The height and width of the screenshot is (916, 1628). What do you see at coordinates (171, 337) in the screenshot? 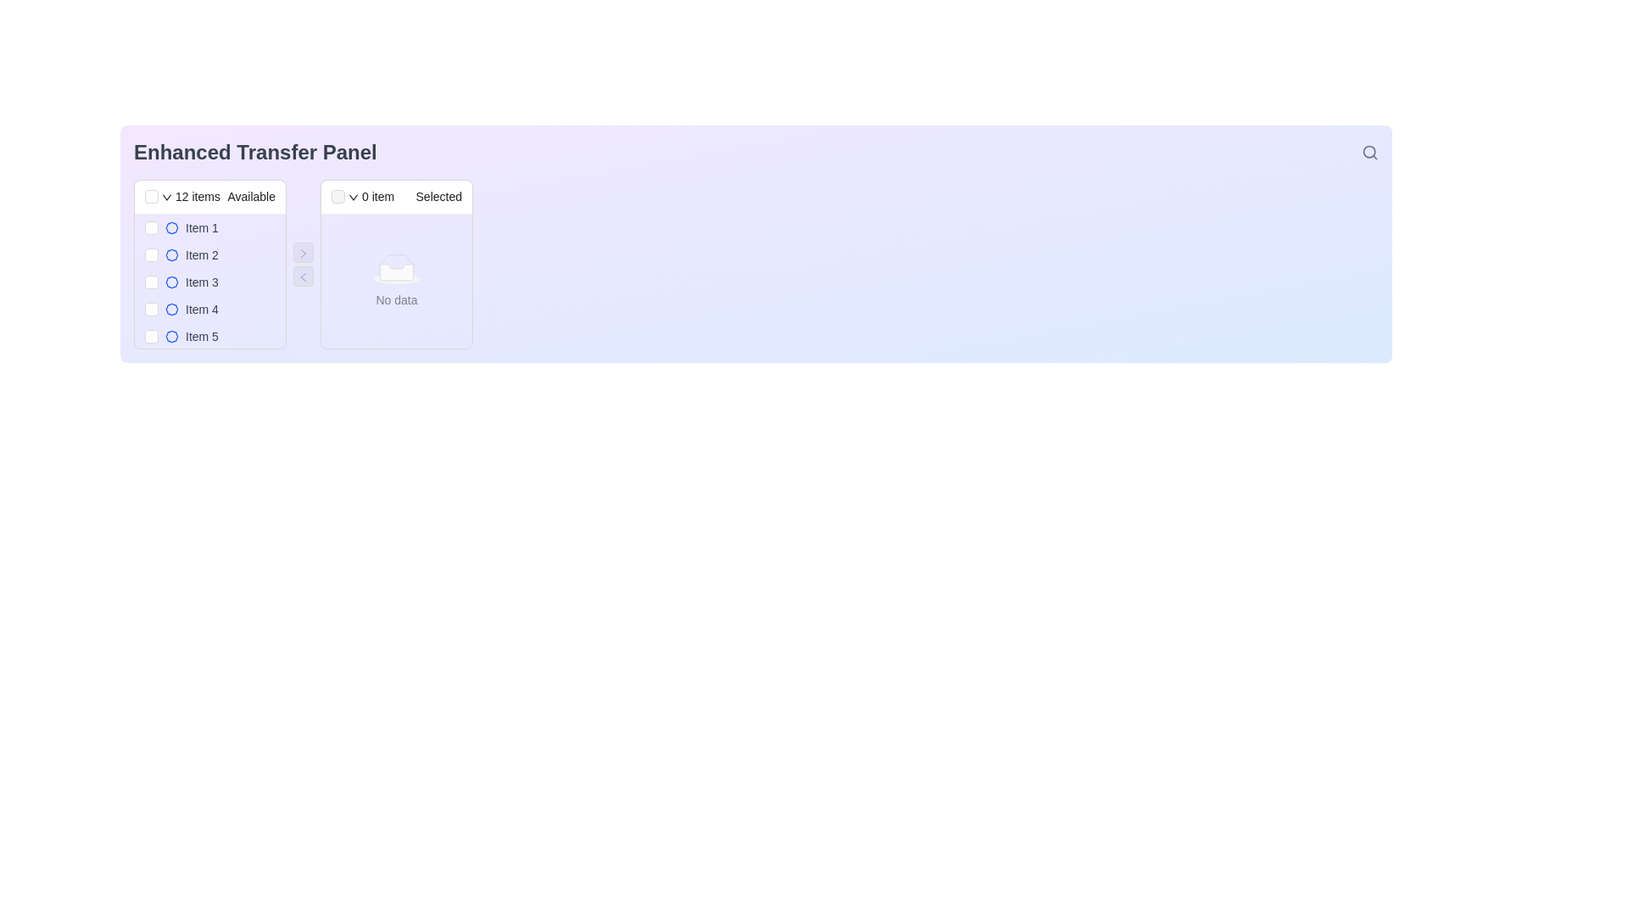
I see `the decorative icon associated with 'Item 5' located to the right of its checkbox and to the left of the text 'Item 5' in the 'Available' panel of the 'Enhanced Transfer Panel'` at bounding box center [171, 337].